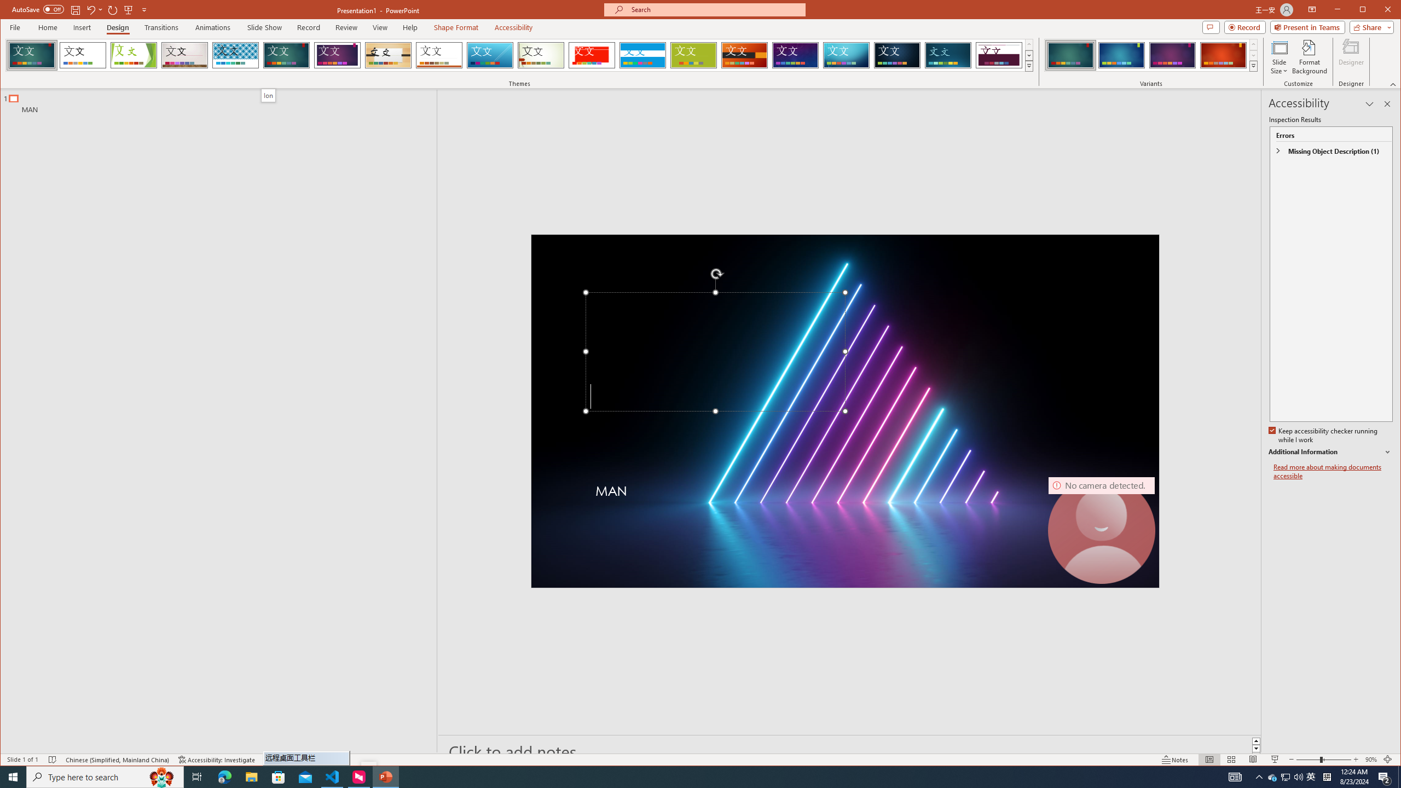  Describe the element at coordinates (1327, 776) in the screenshot. I see `'Tray Input Indicator - Chinese (Simplified, China)'` at that location.